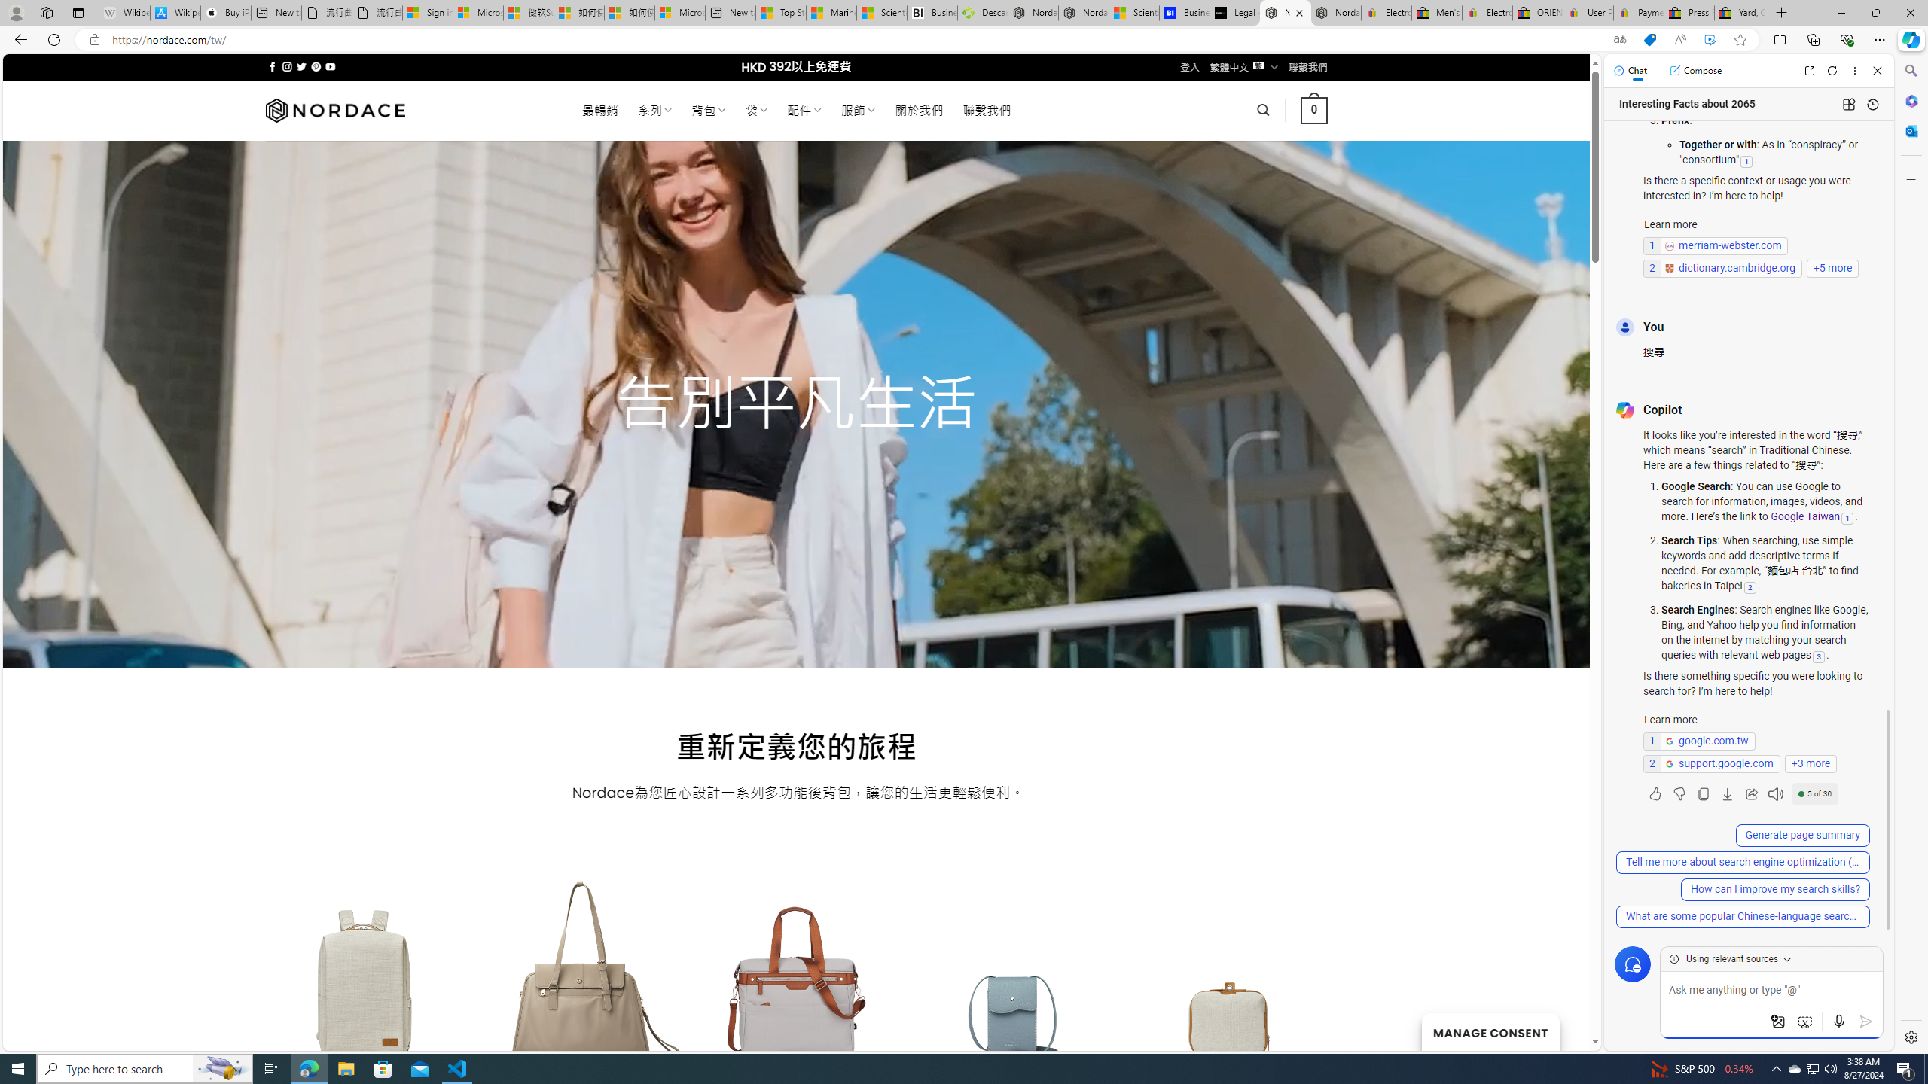 The height and width of the screenshot is (1084, 1928). What do you see at coordinates (1618, 40) in the screenshot?
I see `'Show translate options'` at bounding box center [1618, 40].